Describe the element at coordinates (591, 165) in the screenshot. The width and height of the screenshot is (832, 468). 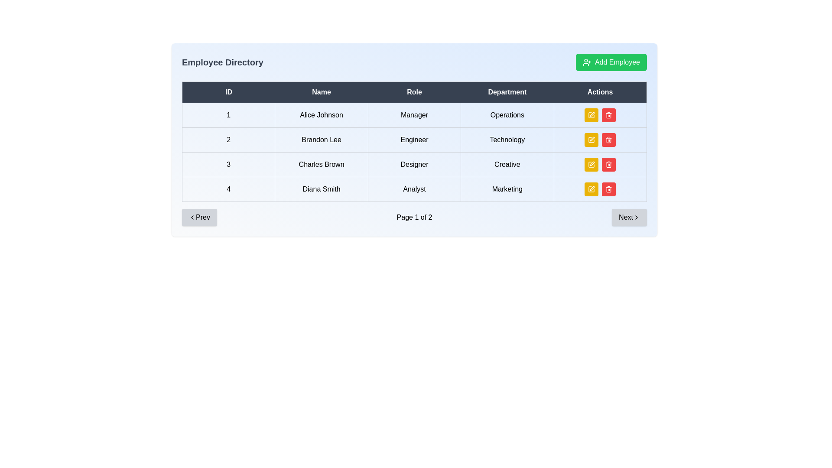
I see `the square icon button with a yellow background and pencil symbol in the Action column of the third row in the Employee Directory table to initiate an edit action` at that location.